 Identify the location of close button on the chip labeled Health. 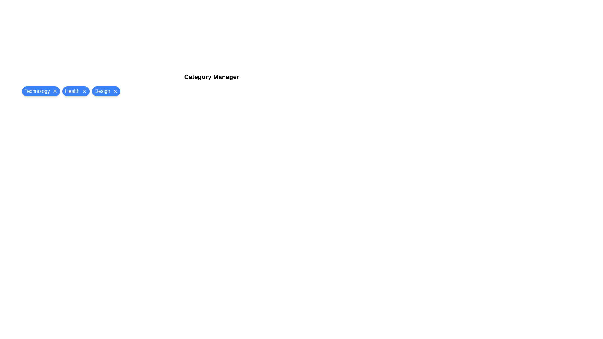
(84, 91).